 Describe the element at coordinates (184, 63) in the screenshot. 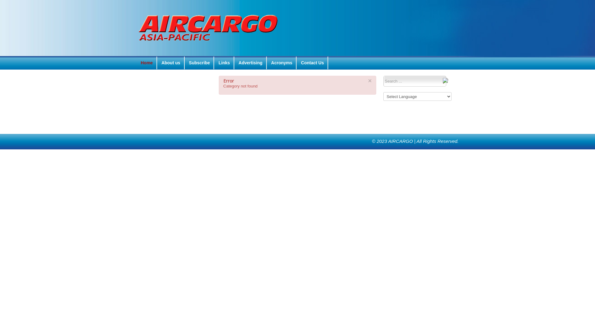

I see `'Subscribe'` at that location.